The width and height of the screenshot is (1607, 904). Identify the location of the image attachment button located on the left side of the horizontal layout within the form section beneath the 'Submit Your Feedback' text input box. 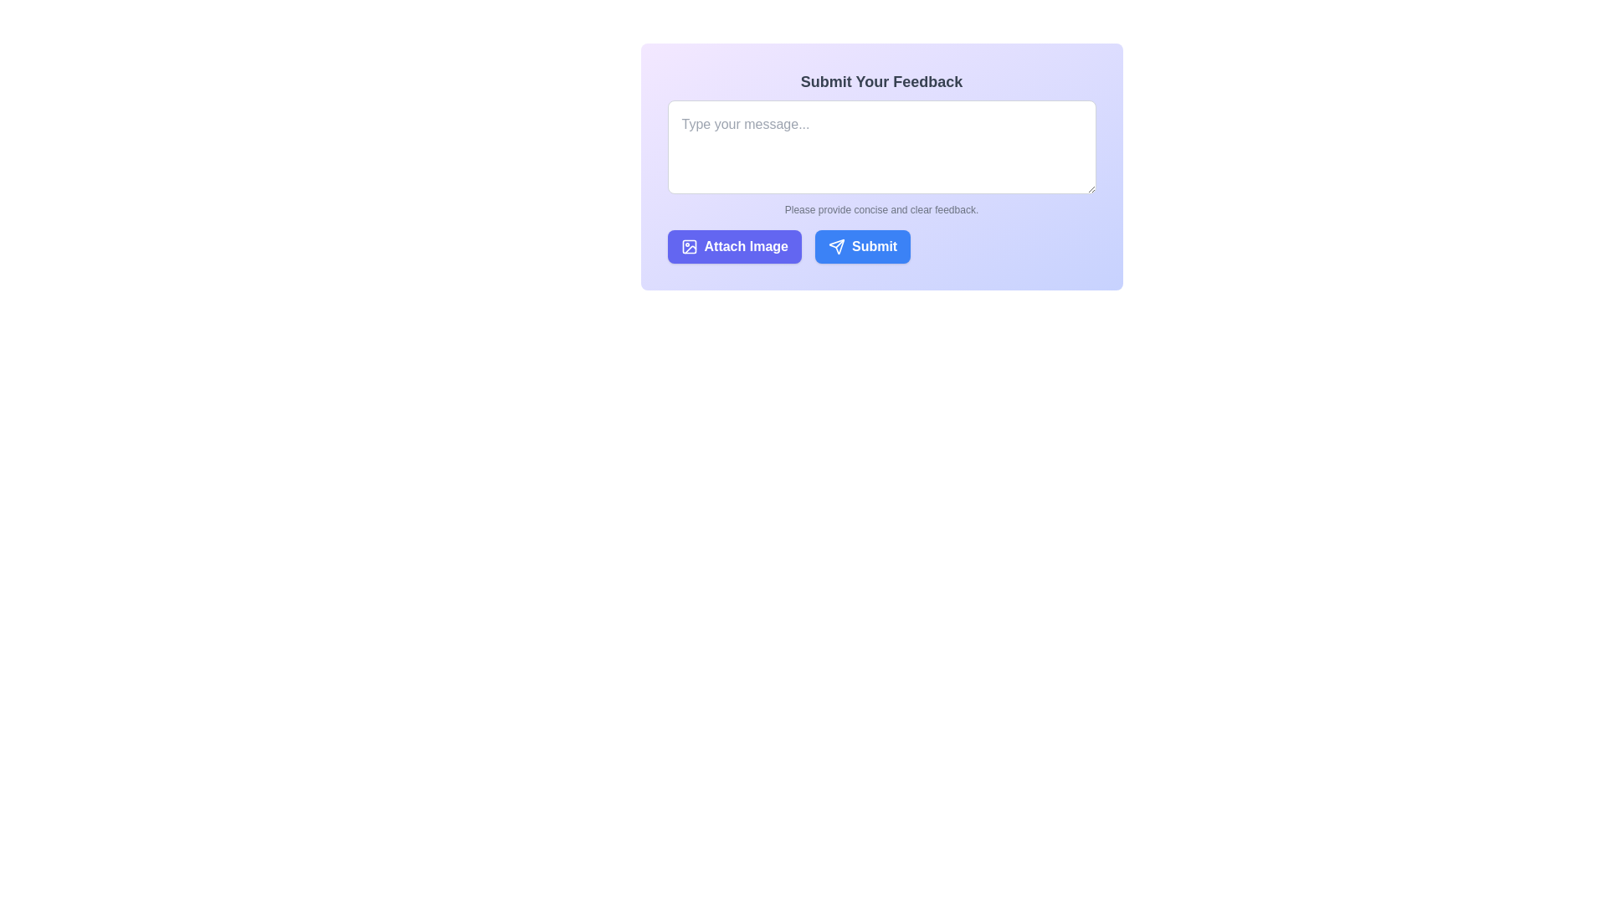
(734, 246).